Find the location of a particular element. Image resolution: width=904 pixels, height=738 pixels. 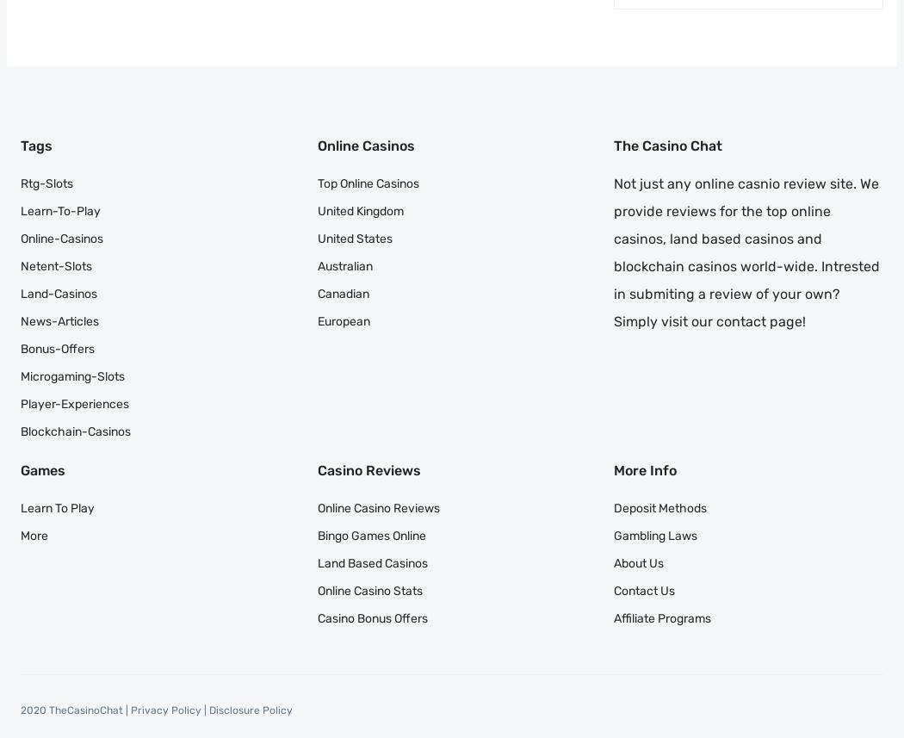

'Online Casinos' is located at coordinates (364, 145).